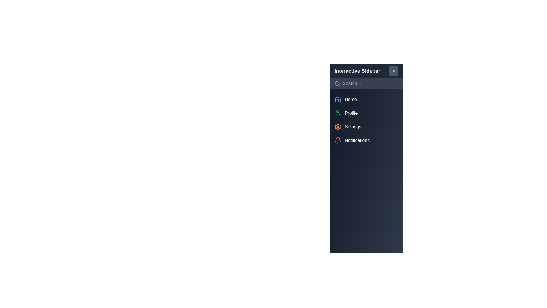  Describe the element at coordinates (350, 99) in the screenshot. I see `the 'Home' text label in the vertical sidebar menu` at that location.